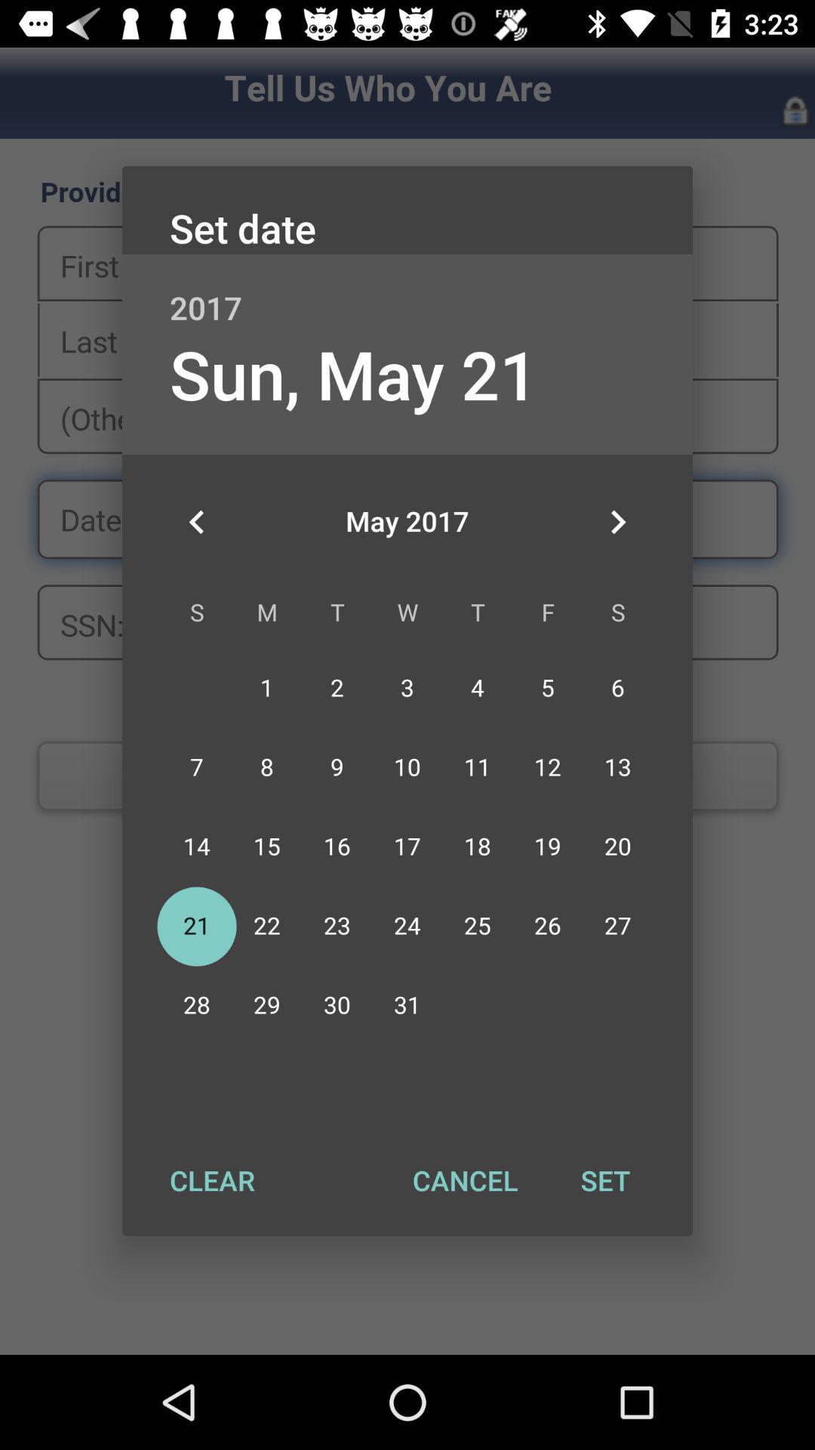  I want to click on item next to the set, so click(464, 1180).